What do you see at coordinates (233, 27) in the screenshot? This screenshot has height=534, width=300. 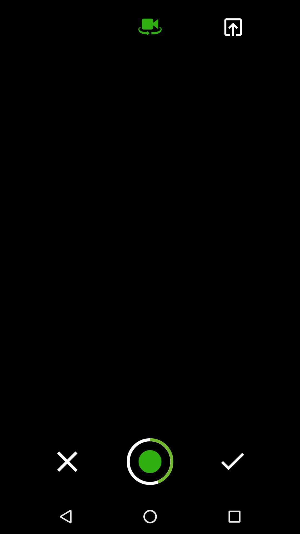 I see `the item at the top right corner` at bounding box center [233, 27].